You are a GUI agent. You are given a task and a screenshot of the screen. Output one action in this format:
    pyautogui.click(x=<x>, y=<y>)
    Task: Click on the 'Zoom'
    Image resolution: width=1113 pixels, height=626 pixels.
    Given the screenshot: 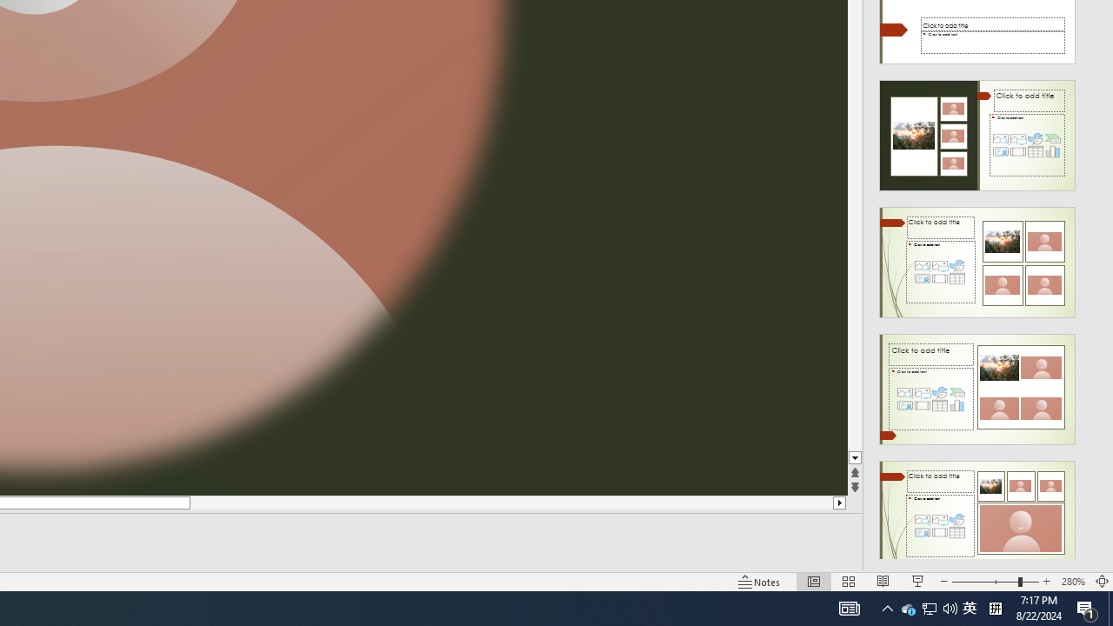 What is the action you would take?
    pyautogui.click(x=995, y=582)
    